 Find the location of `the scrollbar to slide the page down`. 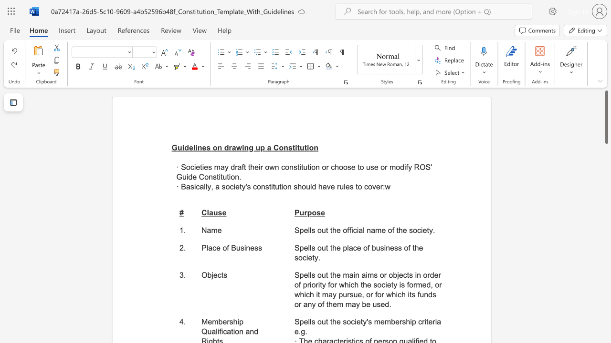

the scrollbar to slide the page down is located at coordinates (606, 310).